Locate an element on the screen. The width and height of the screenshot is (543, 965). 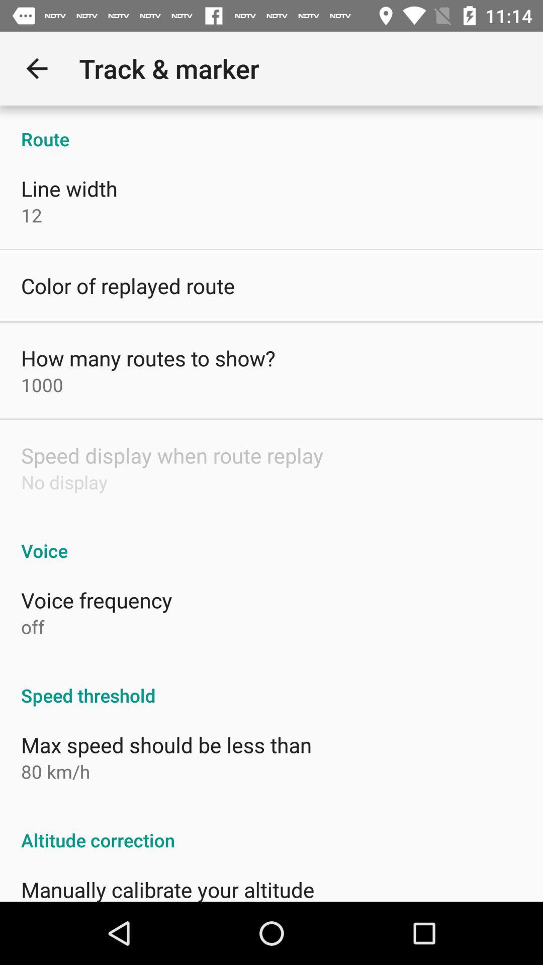
item above route is located at coordinates (36, 68).